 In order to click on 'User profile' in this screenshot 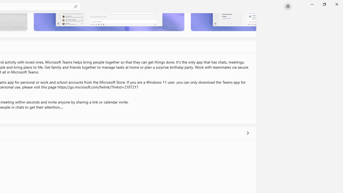, I will do `click(287, 6)`.